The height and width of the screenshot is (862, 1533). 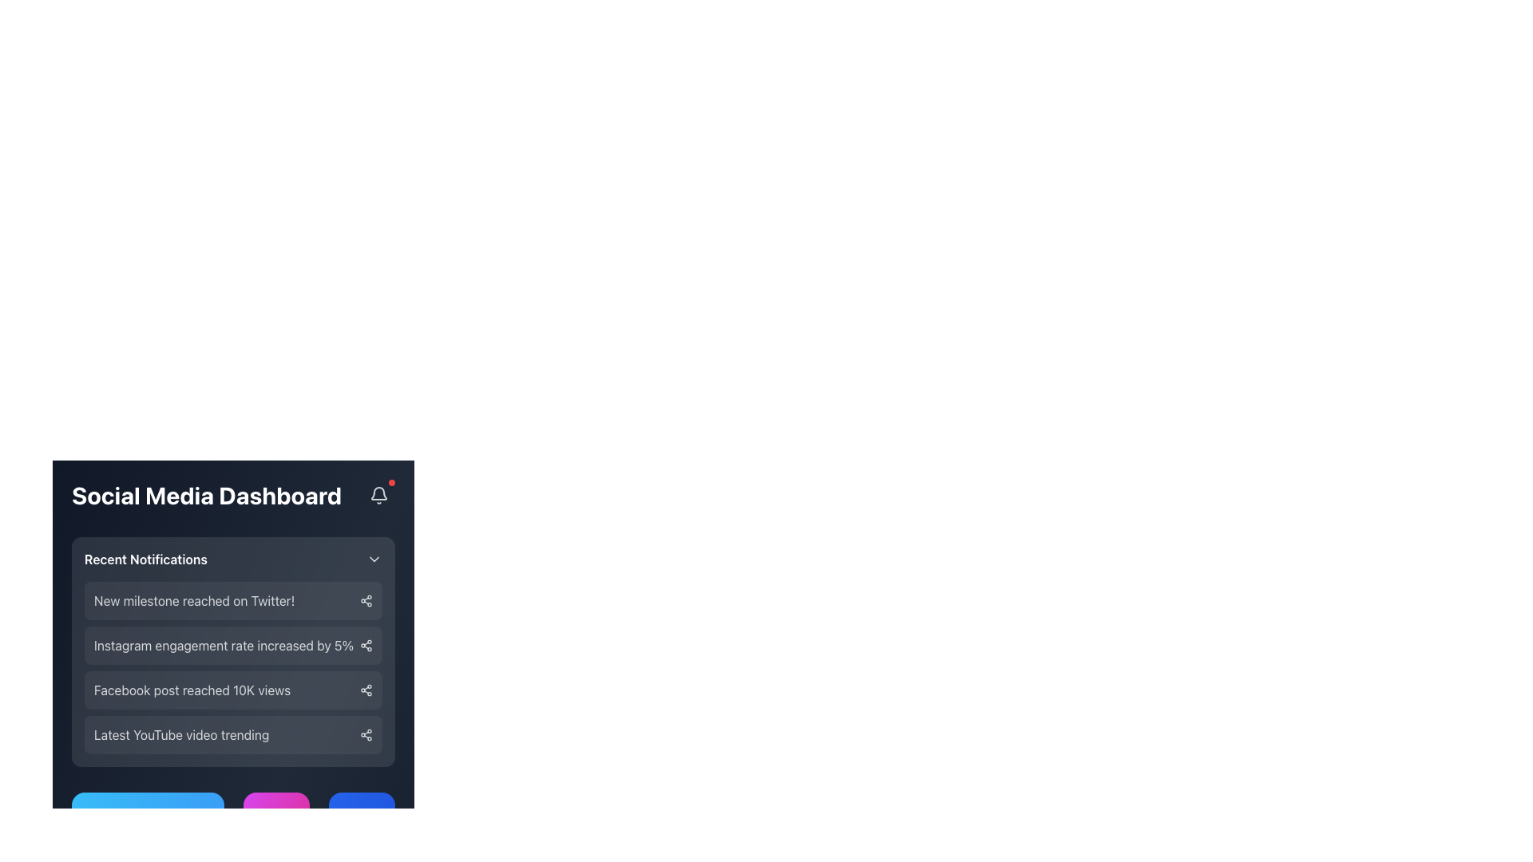 What do you see at coordinates (378, 495) in the screenshot?
I see `the bell icon in the top-right corner of the 'Social Media Dashboard'` at bounding box center [378, 495].